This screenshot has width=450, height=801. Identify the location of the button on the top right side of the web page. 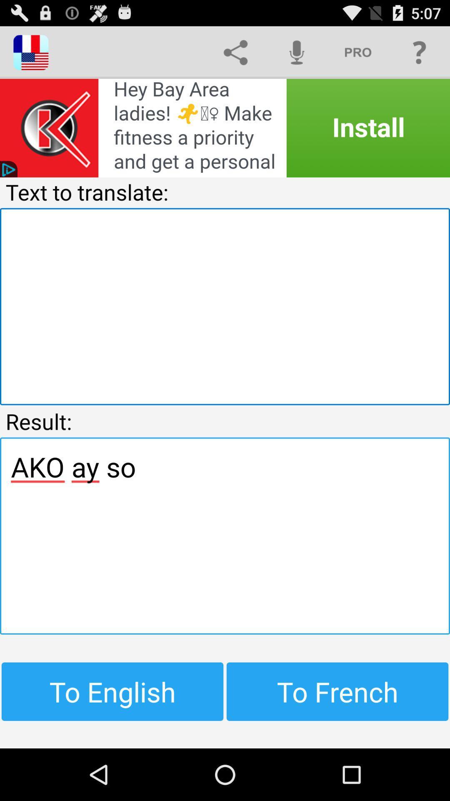
(419, 52).